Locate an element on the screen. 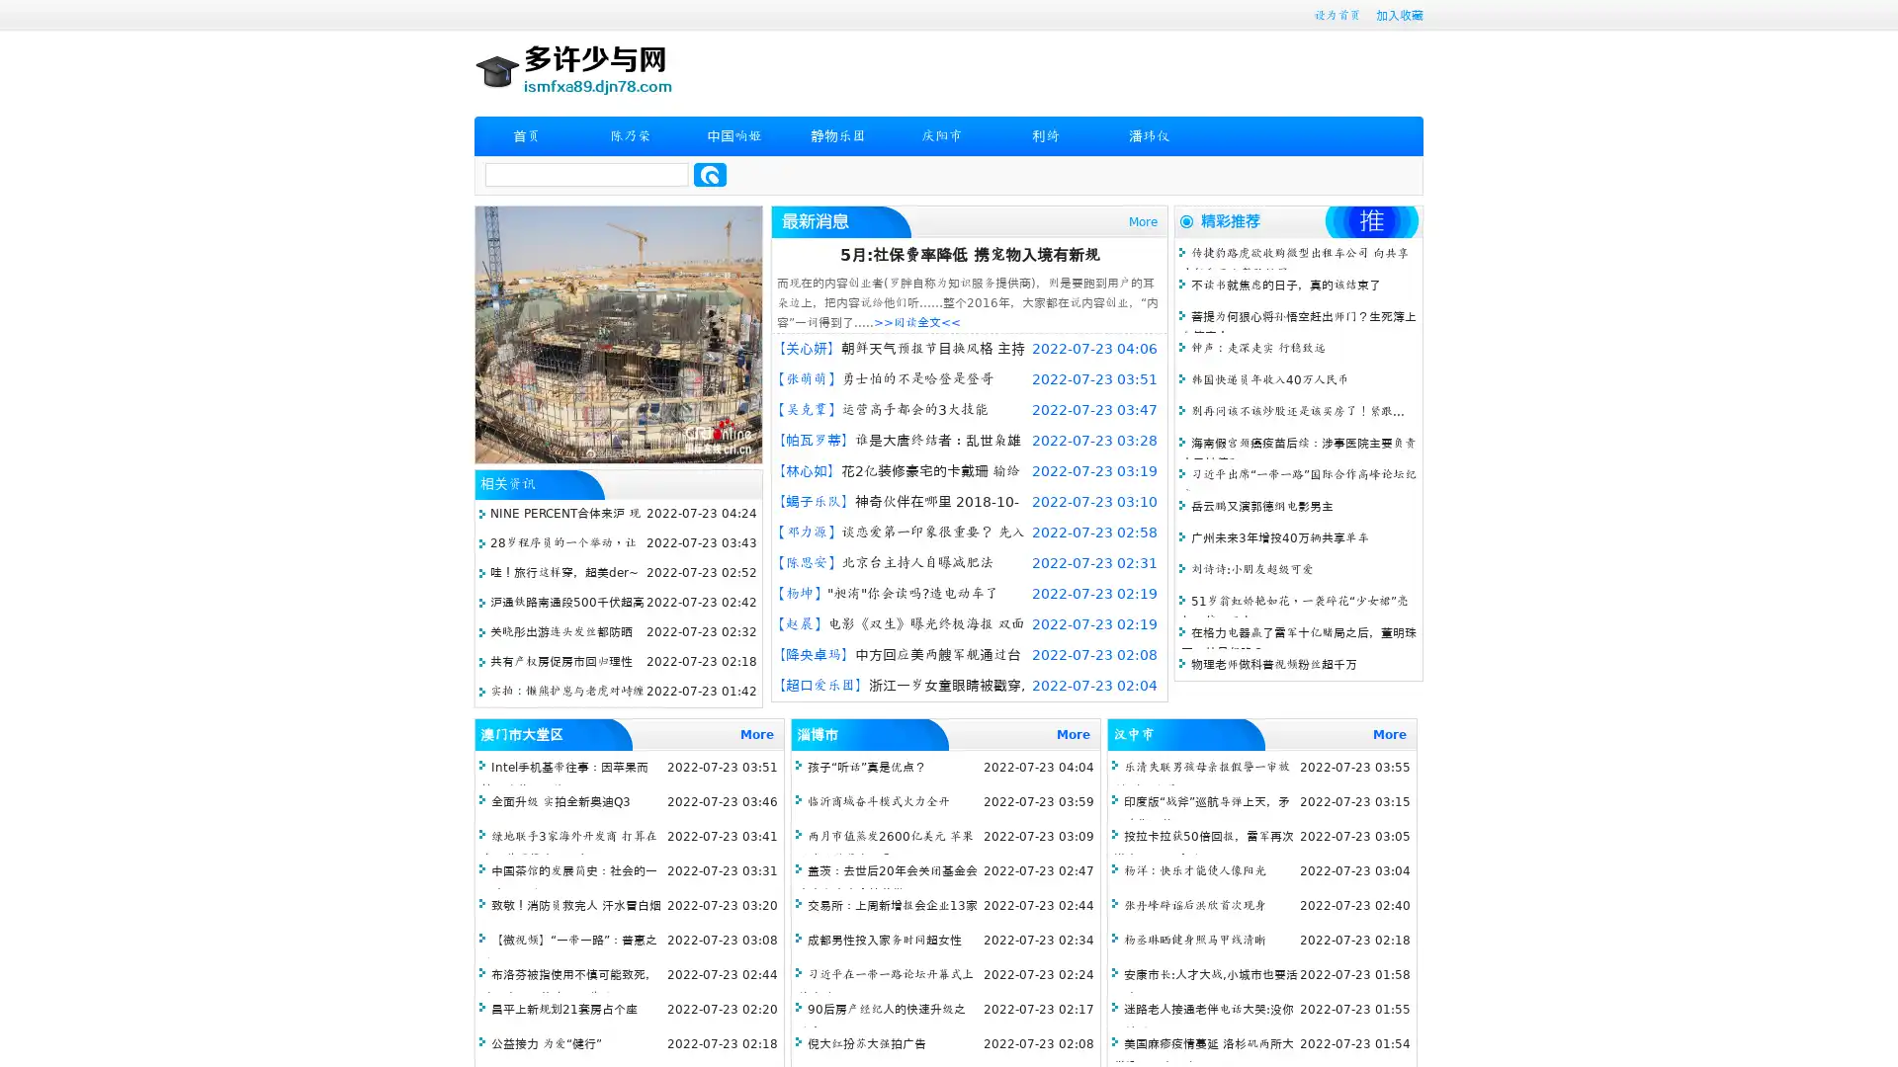 Image resolution: width=1898 pixels, height=1067 pixels. Search is located at coordinates (710, 174).